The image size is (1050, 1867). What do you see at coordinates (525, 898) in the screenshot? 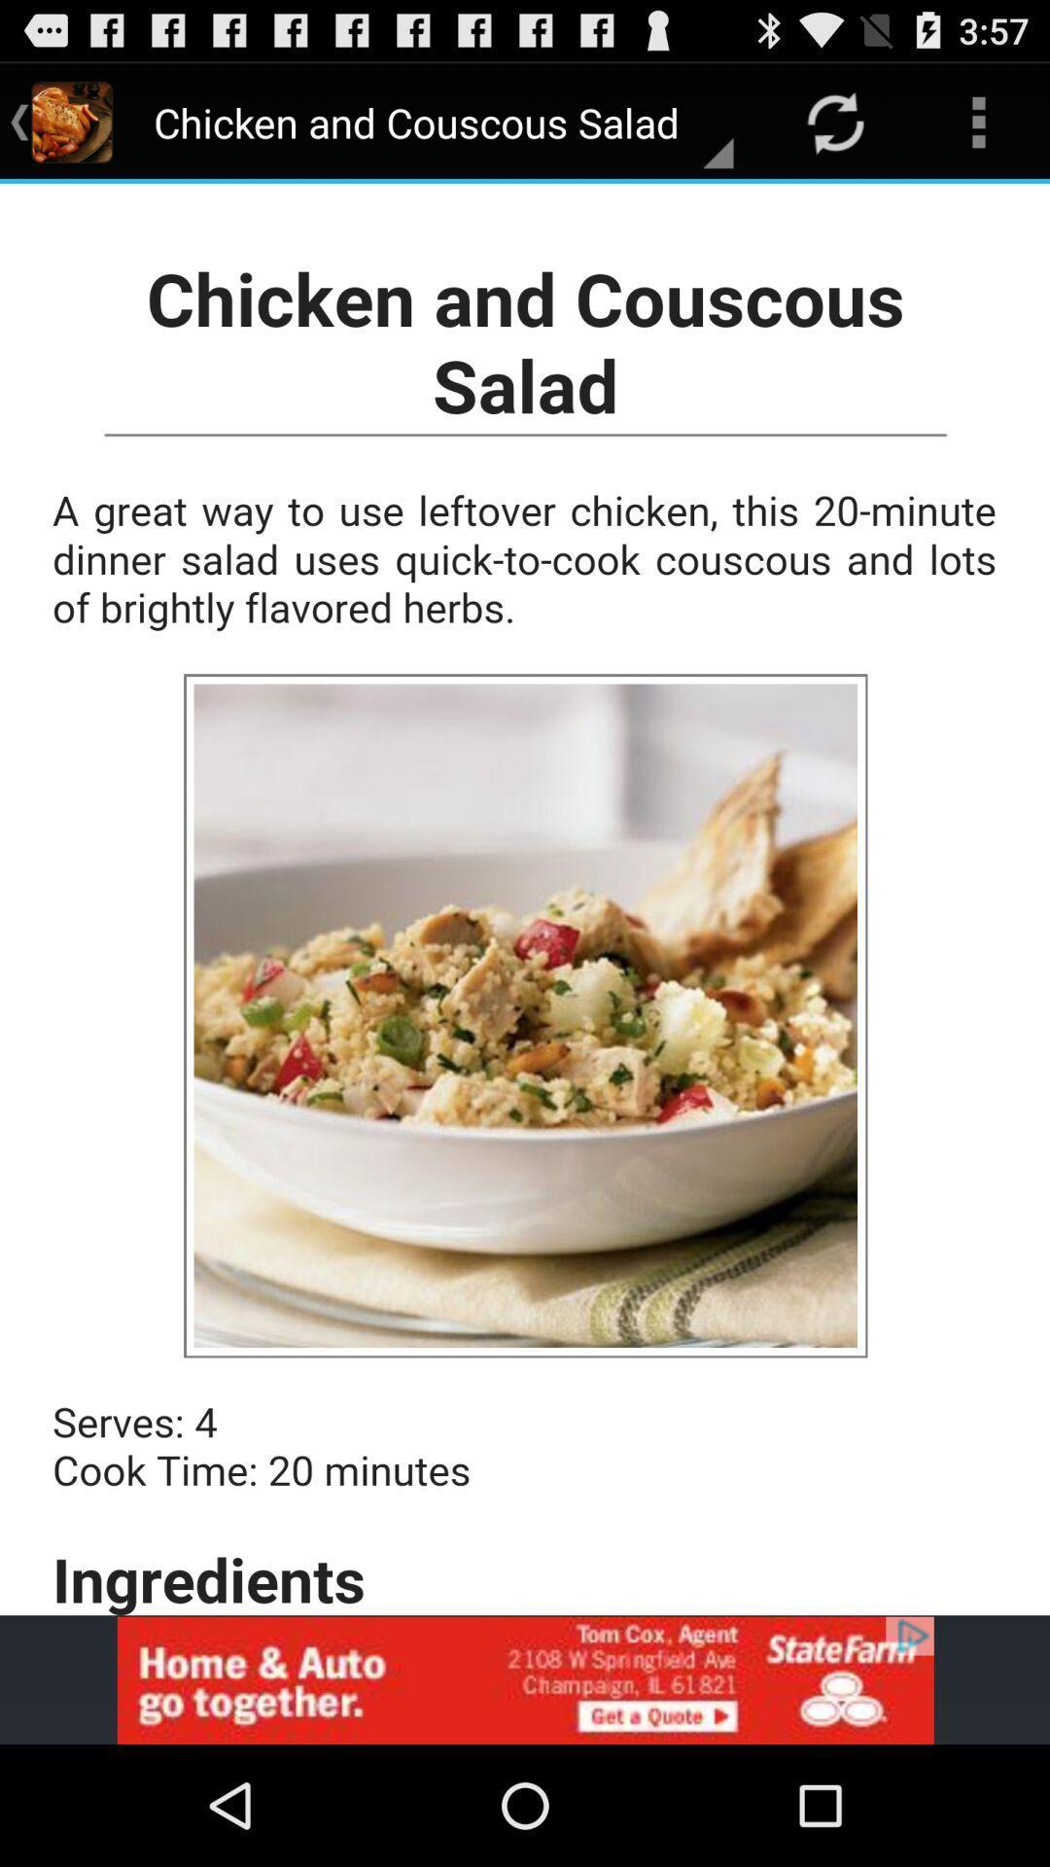
I see `click recipe in middle` at bounding box center [525, 898].